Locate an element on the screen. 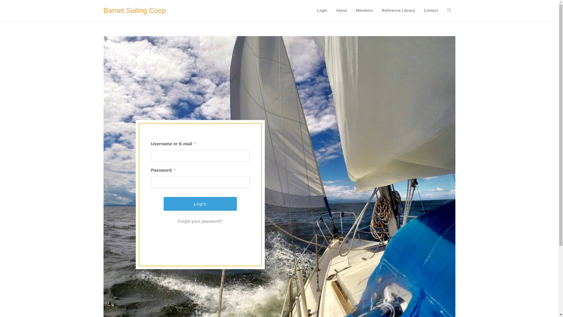 The height and width of the screenshot is (317, 563). 'Reference Library' is located at coordinates (398, 10).